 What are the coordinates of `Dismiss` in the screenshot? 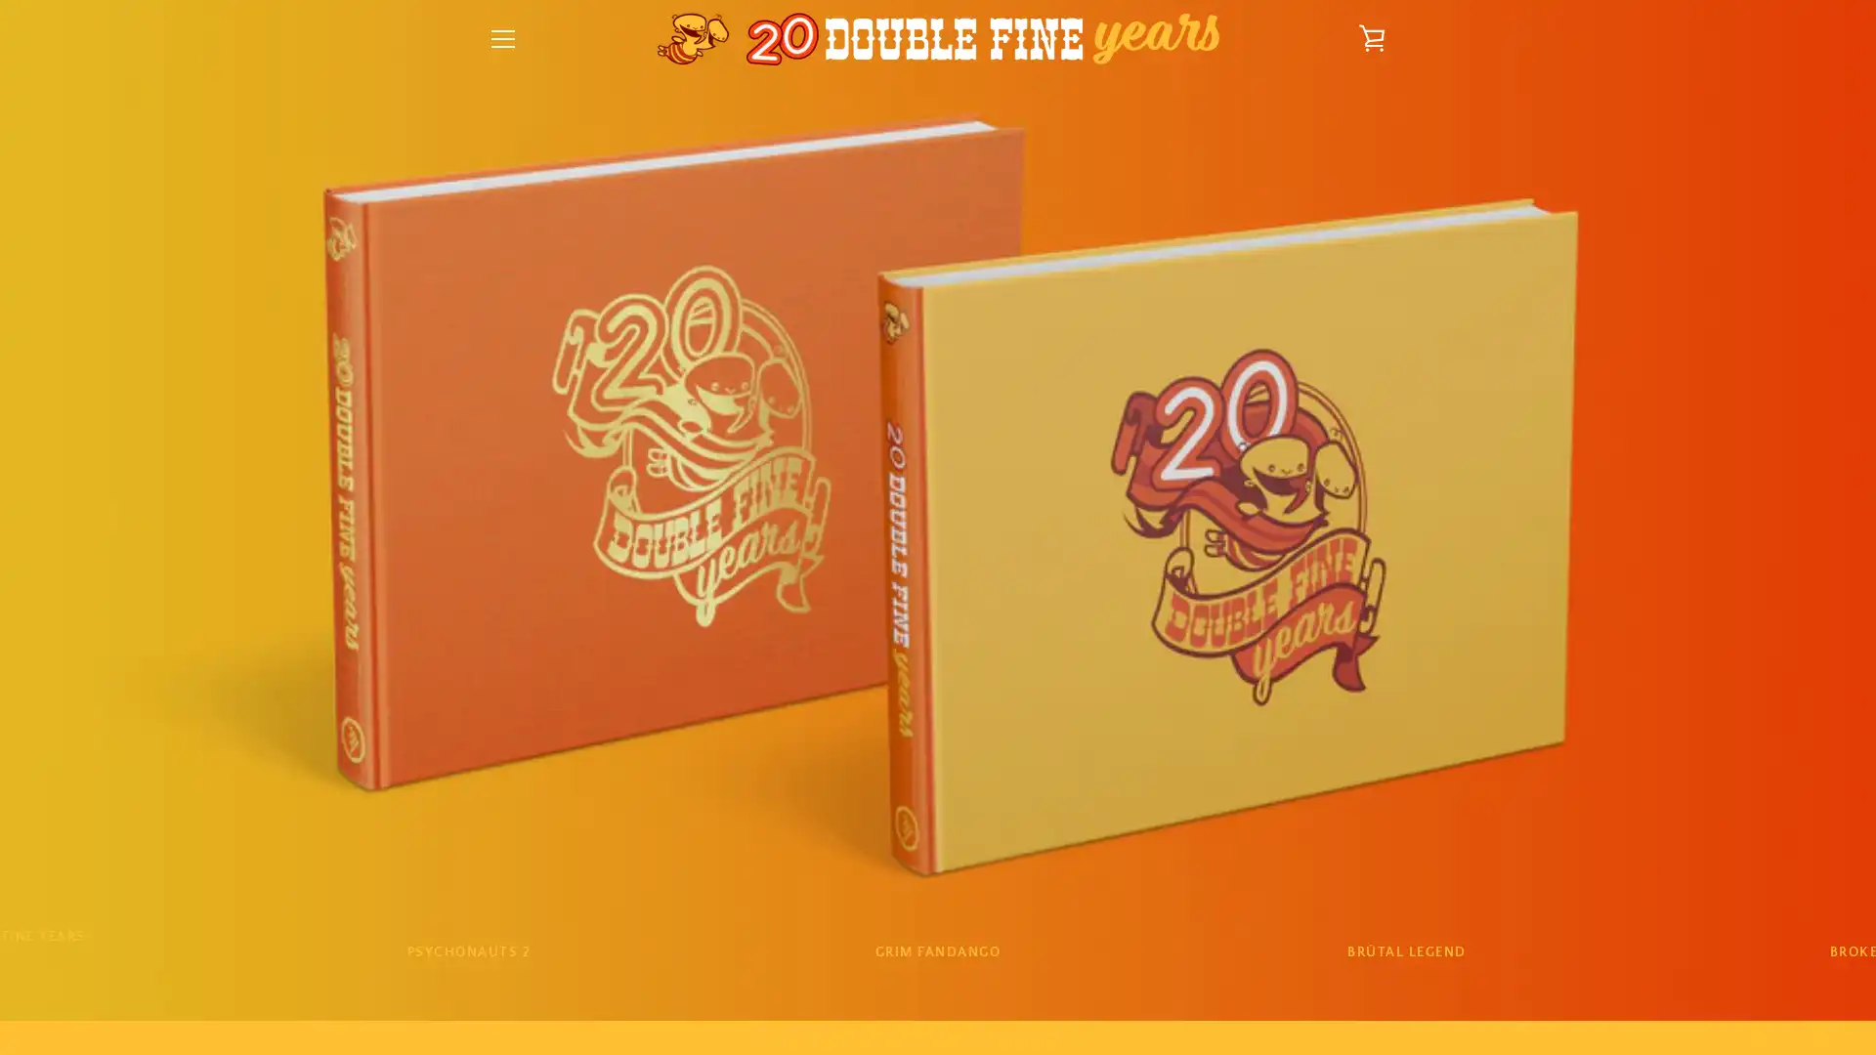 It's located at (1154, 354).